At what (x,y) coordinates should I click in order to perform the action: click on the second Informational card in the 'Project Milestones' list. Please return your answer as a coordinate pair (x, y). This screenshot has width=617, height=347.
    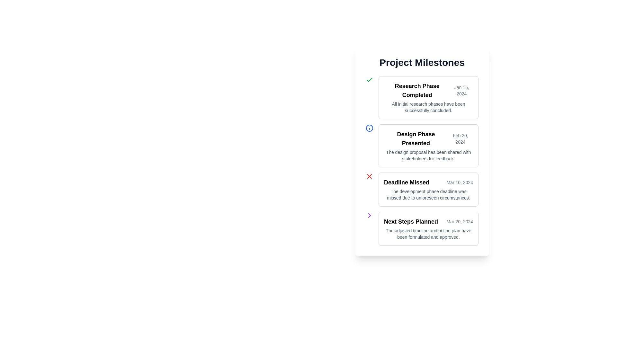
    Looking at the image, I should click on (428, 146).